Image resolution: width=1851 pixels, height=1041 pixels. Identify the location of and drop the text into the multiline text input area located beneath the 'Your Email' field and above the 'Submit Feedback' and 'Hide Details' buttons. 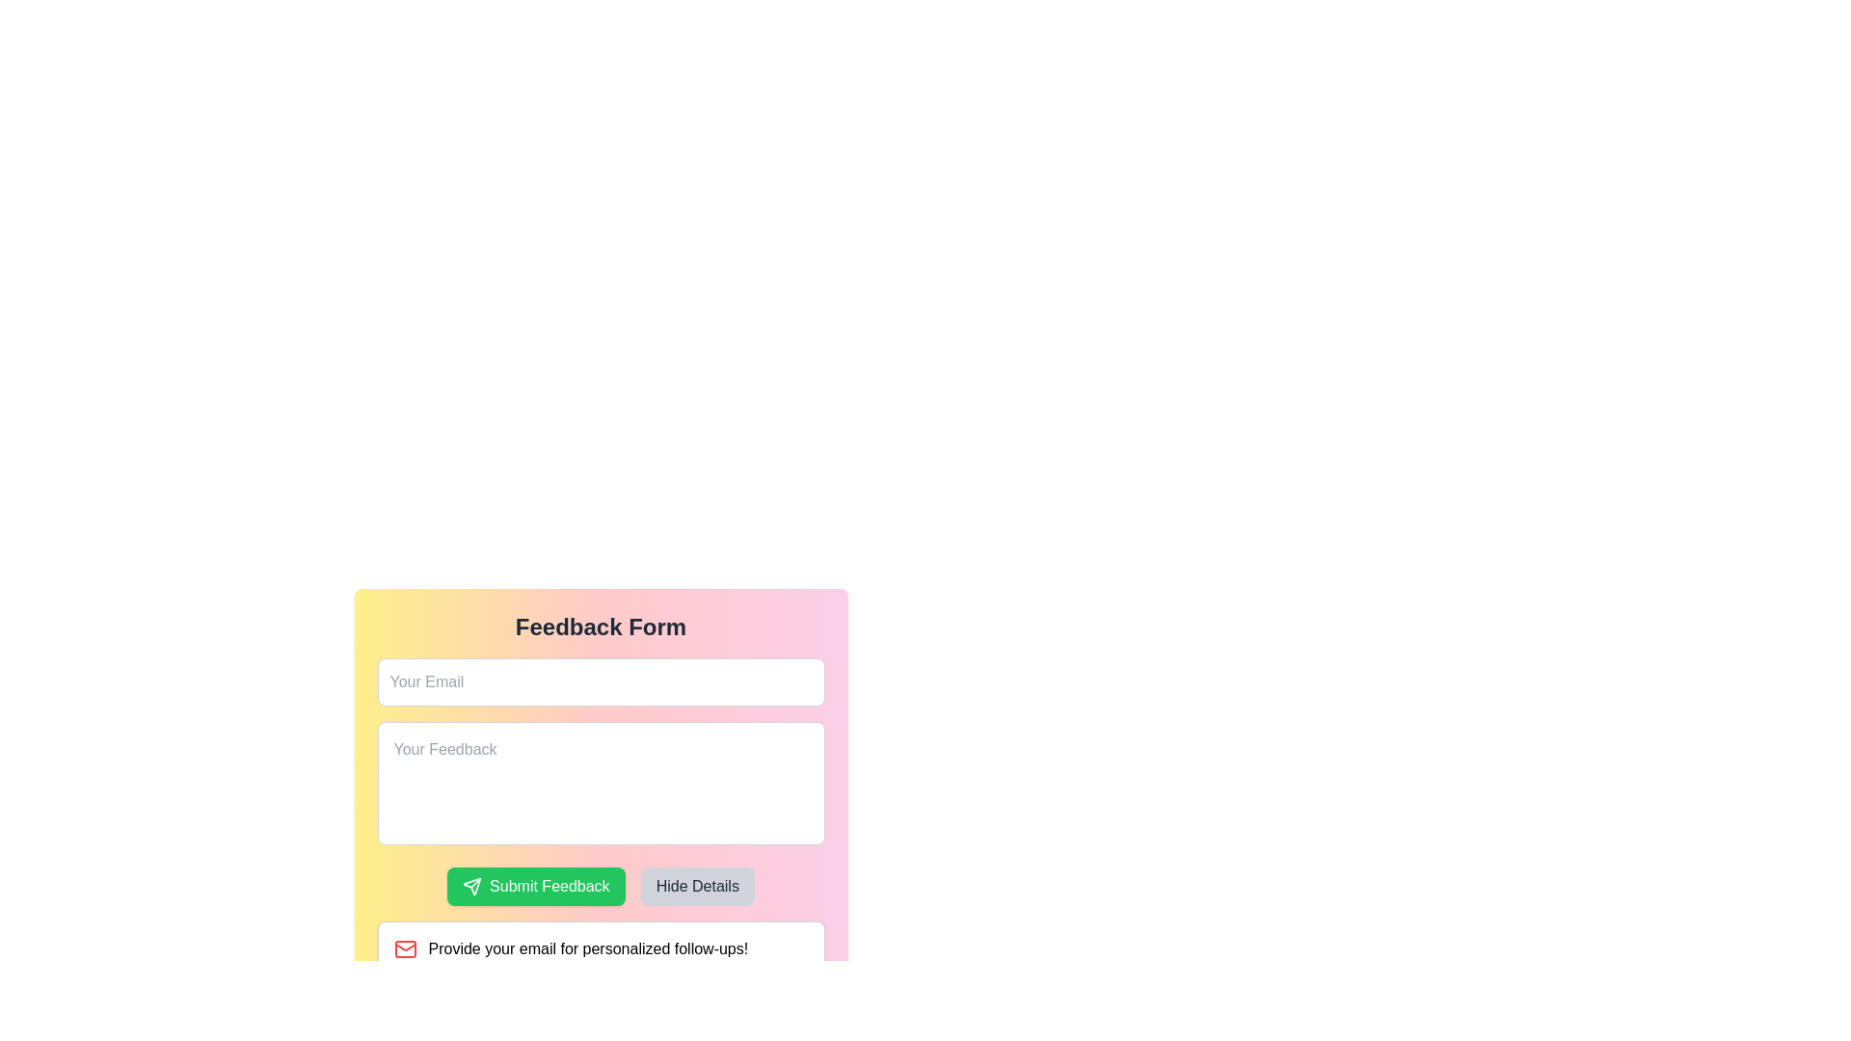
(600, 784).